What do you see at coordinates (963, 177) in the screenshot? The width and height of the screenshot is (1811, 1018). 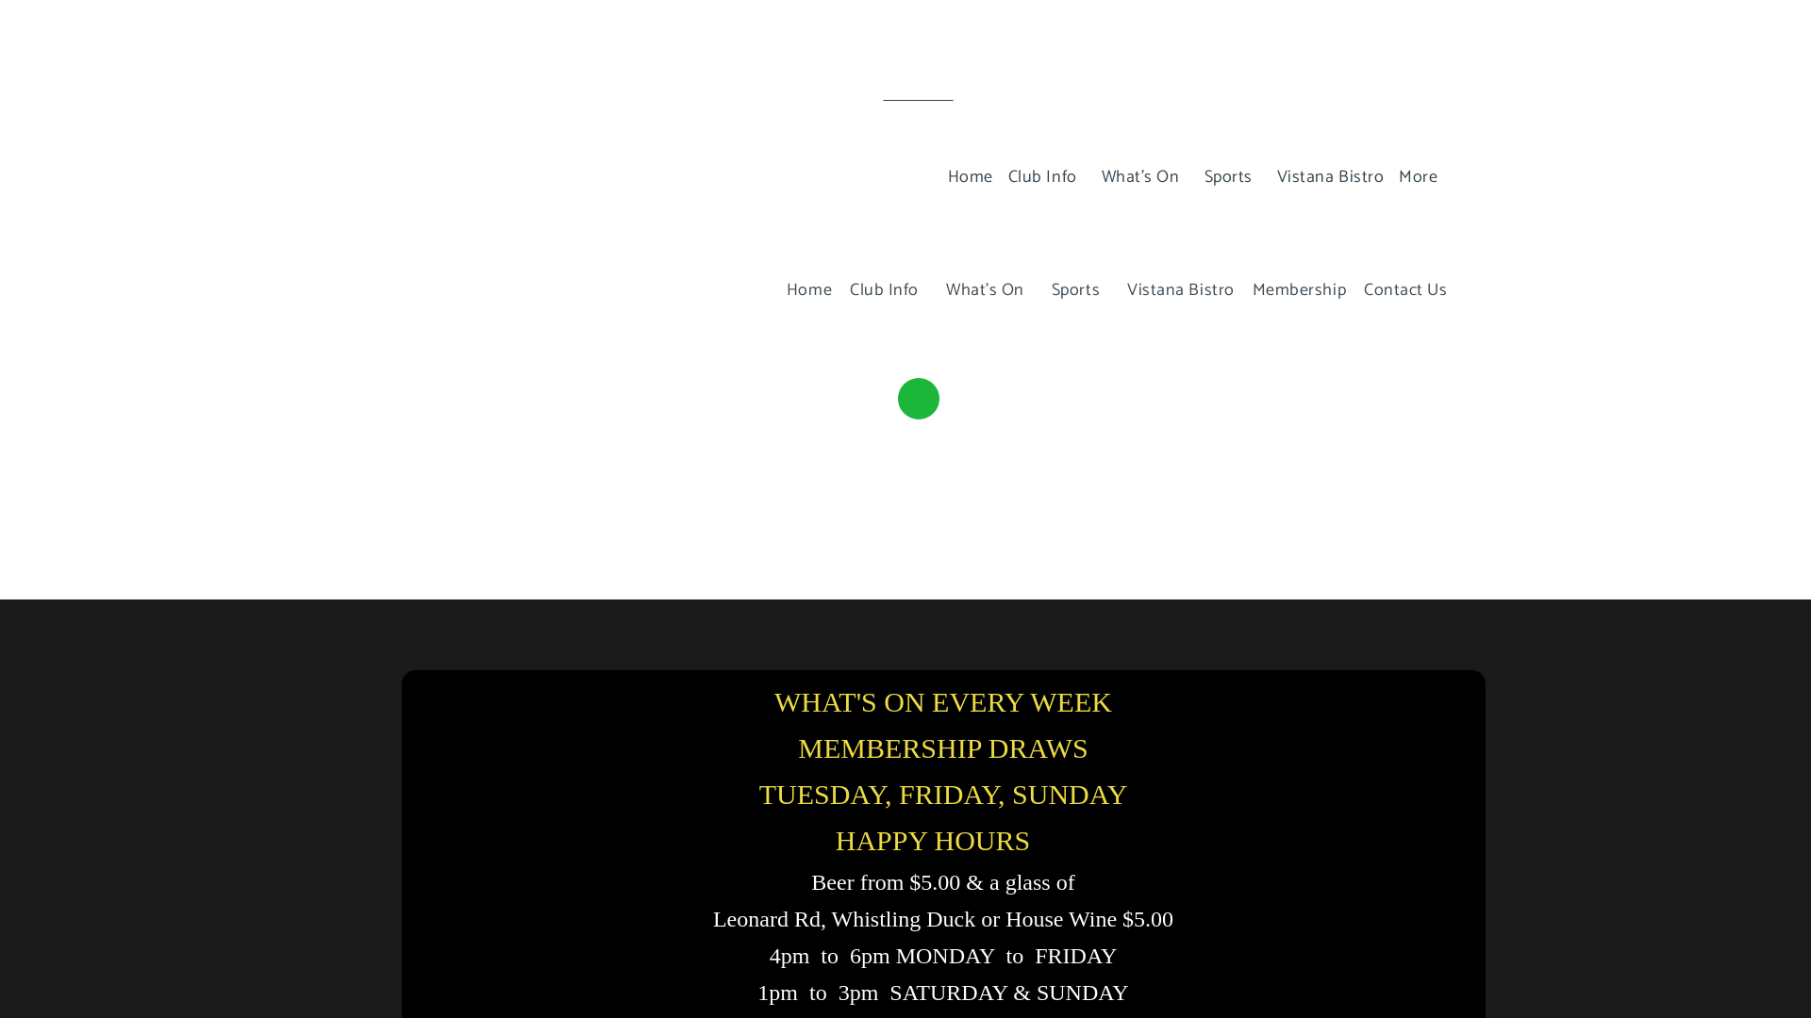 I see `'Home'` at bounding box center [963, 177].